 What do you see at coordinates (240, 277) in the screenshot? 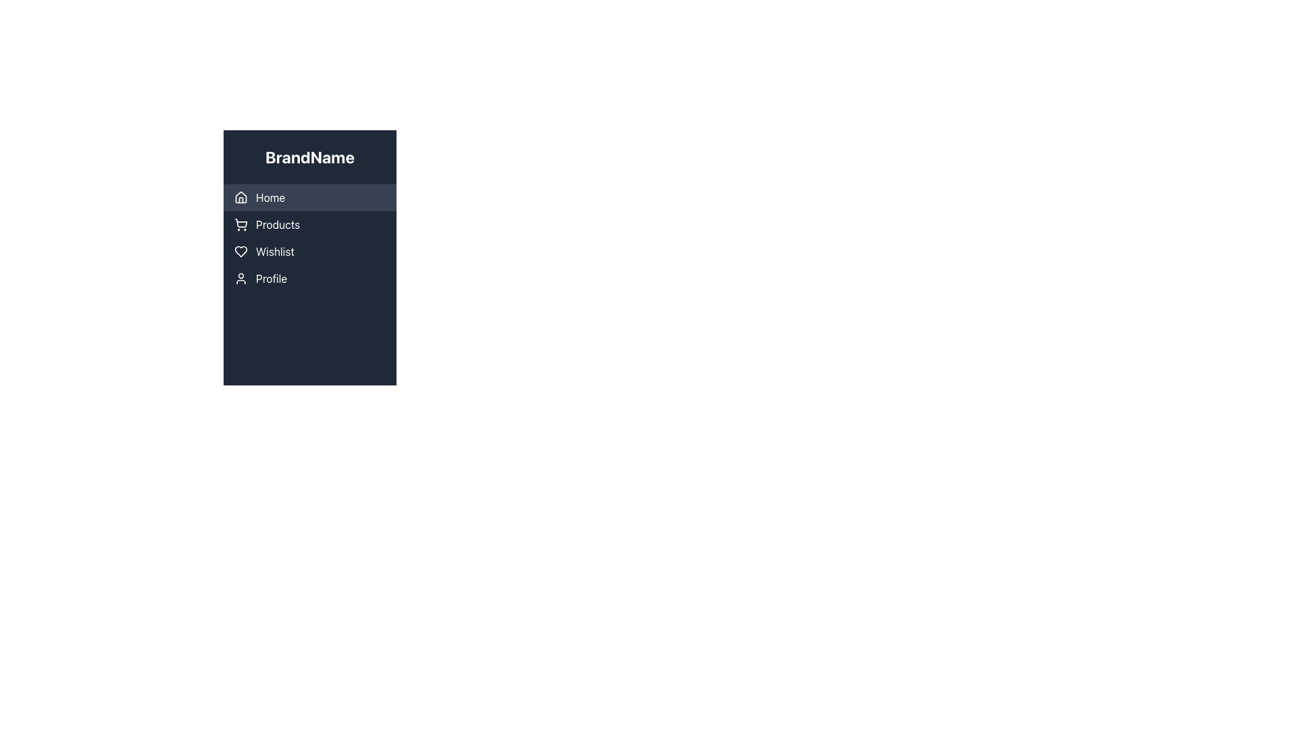
I see `the 'Profile' icon in the vertical navigation menu located below the 'Wishlist' entry` at bounding box center [240, 277].